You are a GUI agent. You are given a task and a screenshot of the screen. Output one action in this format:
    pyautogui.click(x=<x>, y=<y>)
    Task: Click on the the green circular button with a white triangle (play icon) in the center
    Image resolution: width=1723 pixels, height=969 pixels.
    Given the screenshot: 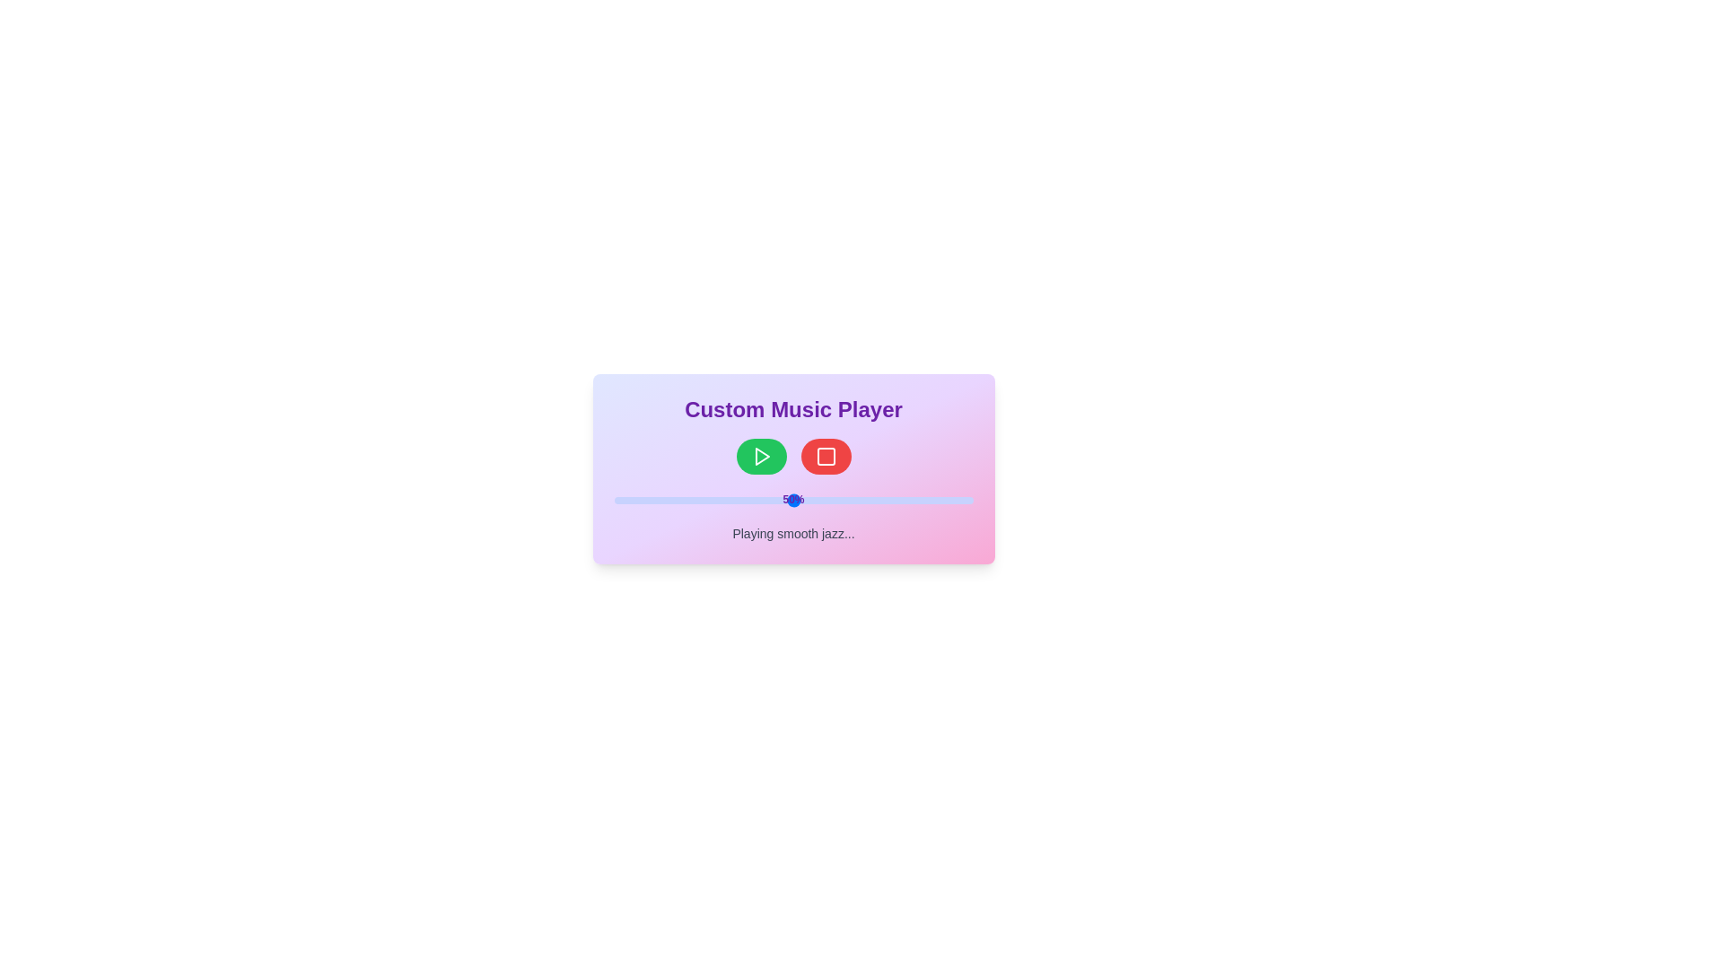 What is the action you would take?
    pyautogui.click(x=761, y=456)
    